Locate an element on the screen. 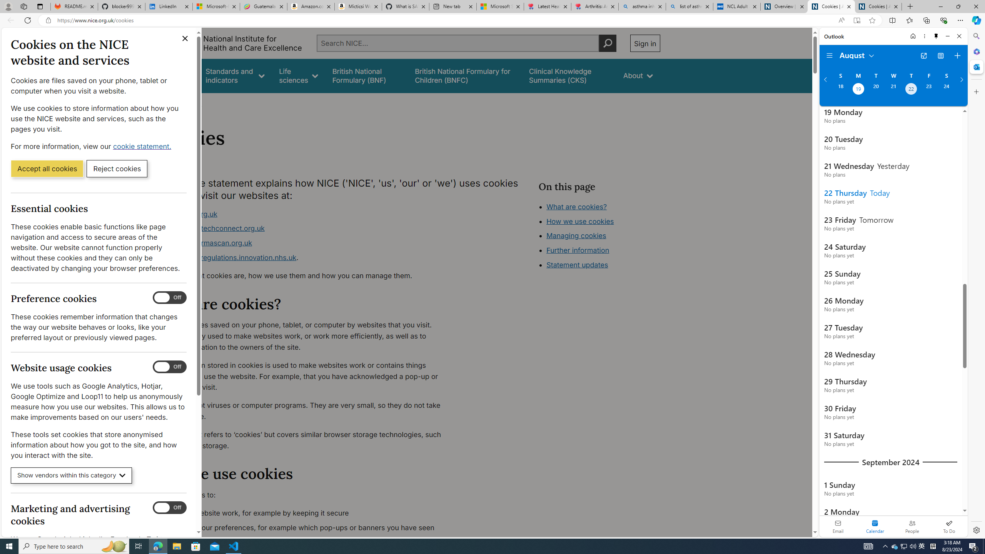  'Statement updates' is located at coordinates (577, 265).